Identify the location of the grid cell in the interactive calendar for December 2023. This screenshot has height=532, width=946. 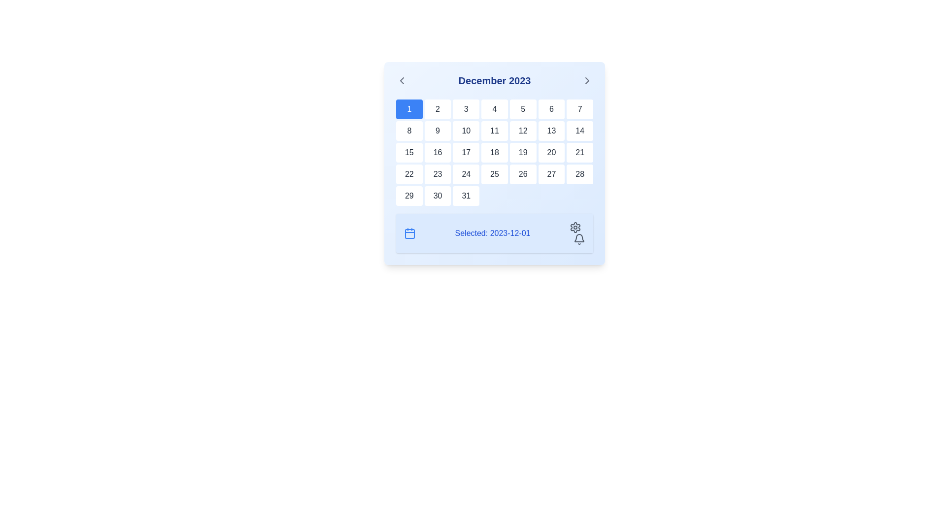
(494, 152).